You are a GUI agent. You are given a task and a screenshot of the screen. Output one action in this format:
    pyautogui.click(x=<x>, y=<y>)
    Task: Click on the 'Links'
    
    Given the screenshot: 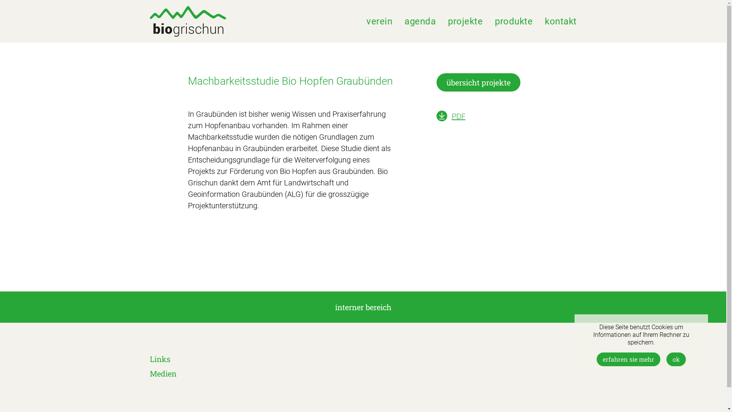 What is the action you would take?
    pyautogui.click(x=159, y=359)
    